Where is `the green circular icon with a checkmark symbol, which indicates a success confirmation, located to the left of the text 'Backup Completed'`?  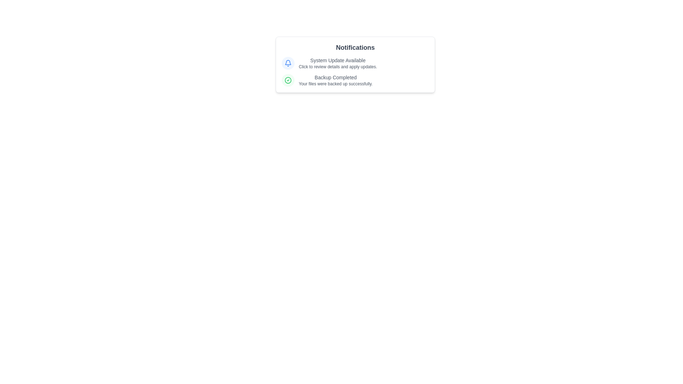
the green circular icon with a checkmark symbol, which indicates a success confirmation, located to the left of the text 'Backup Completed' is located at coordinates (288, 80).